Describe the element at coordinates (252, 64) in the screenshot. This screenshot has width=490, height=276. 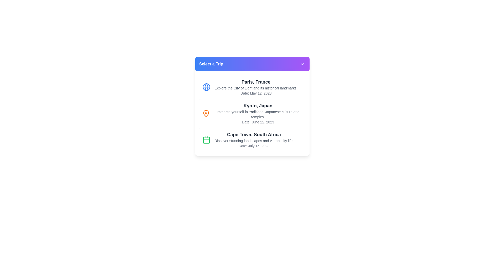
I see `the rectangular button with a gradient background labeled 'Select a Trip'` at that location.